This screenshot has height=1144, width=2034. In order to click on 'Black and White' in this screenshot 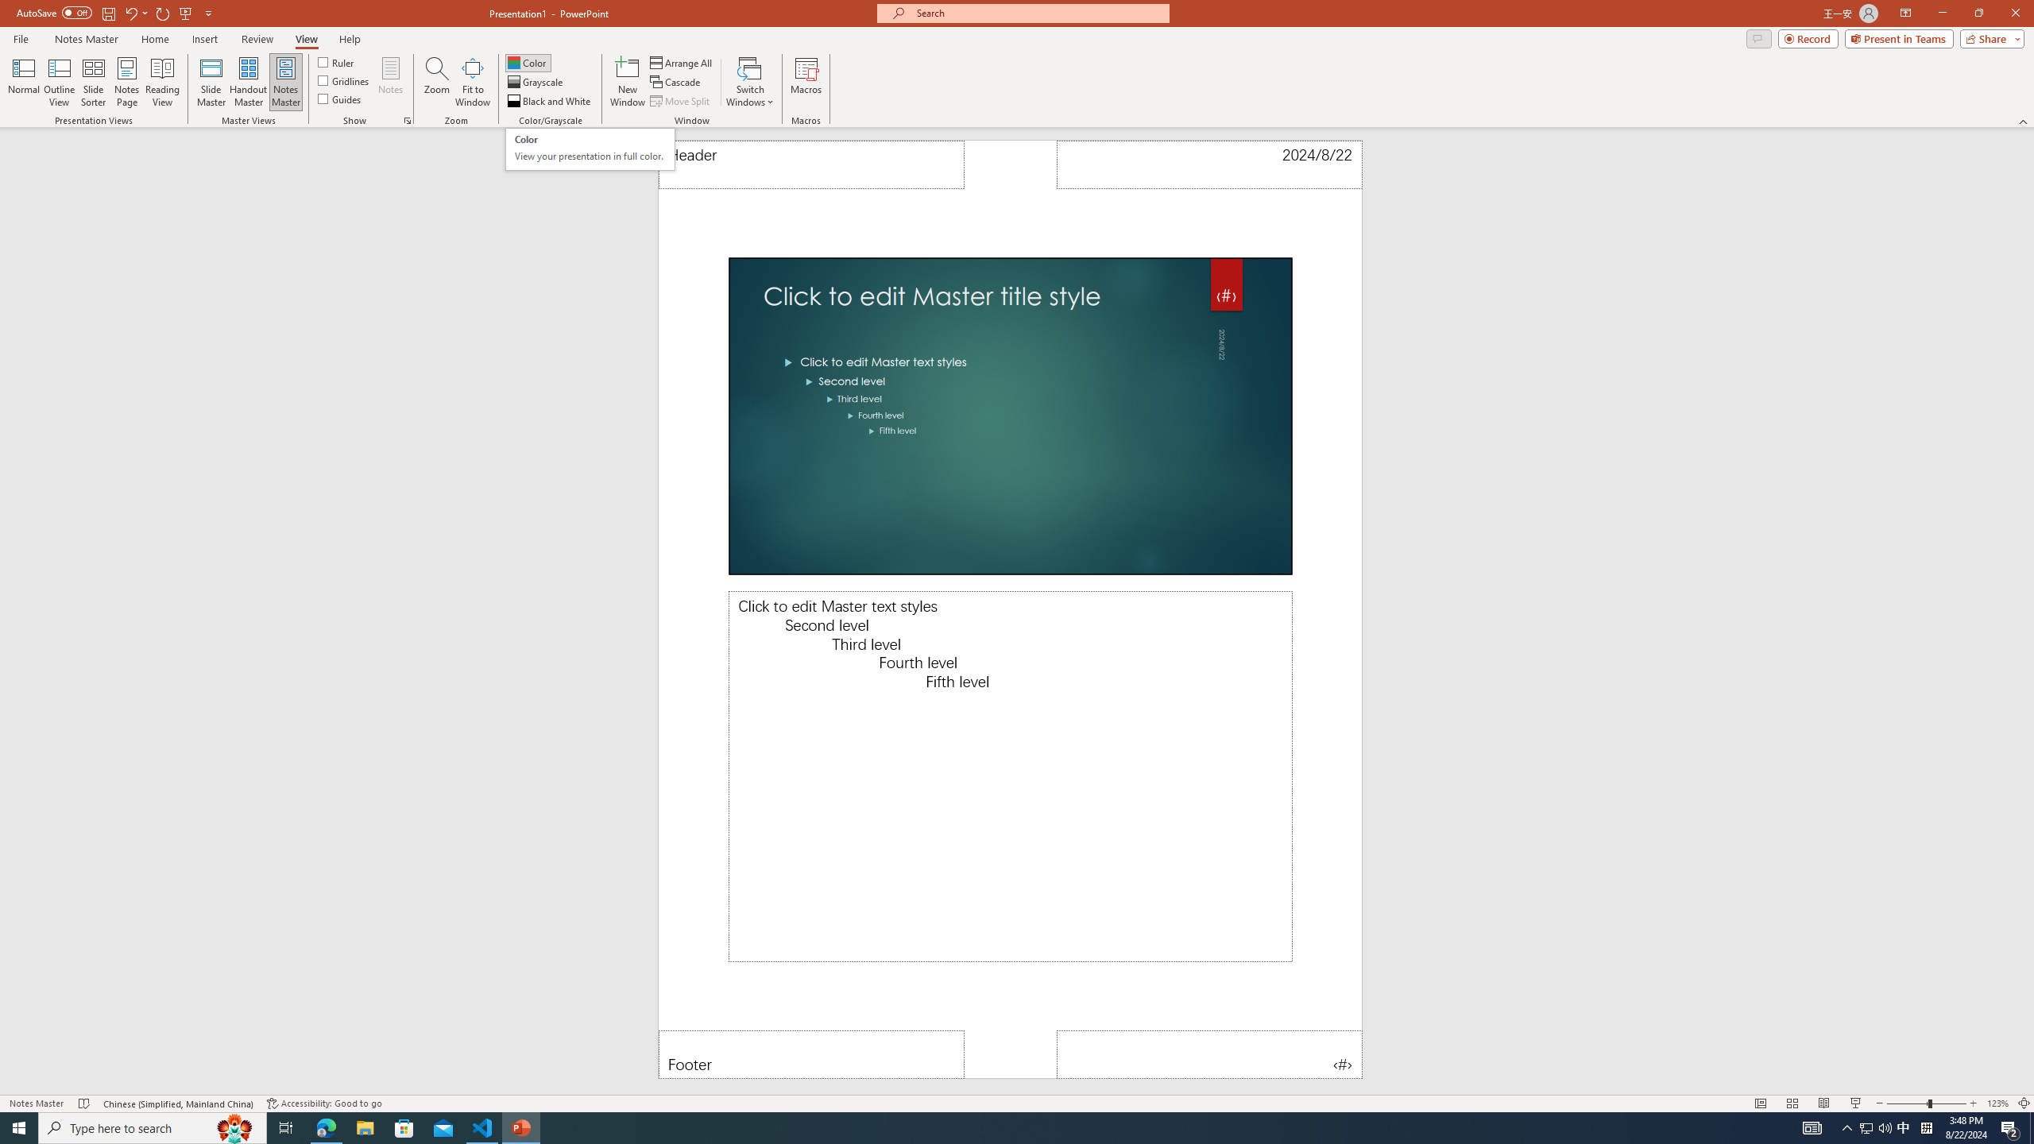, I will do `click(550, 101)`.